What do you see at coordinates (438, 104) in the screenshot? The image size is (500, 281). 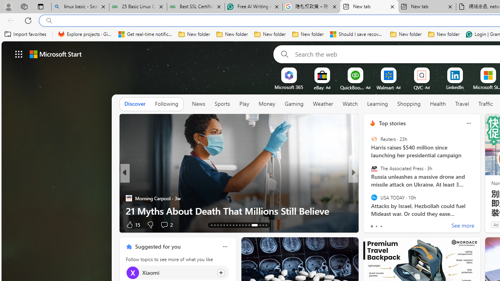 I see `'Health'` at bounding box center [438, 104].